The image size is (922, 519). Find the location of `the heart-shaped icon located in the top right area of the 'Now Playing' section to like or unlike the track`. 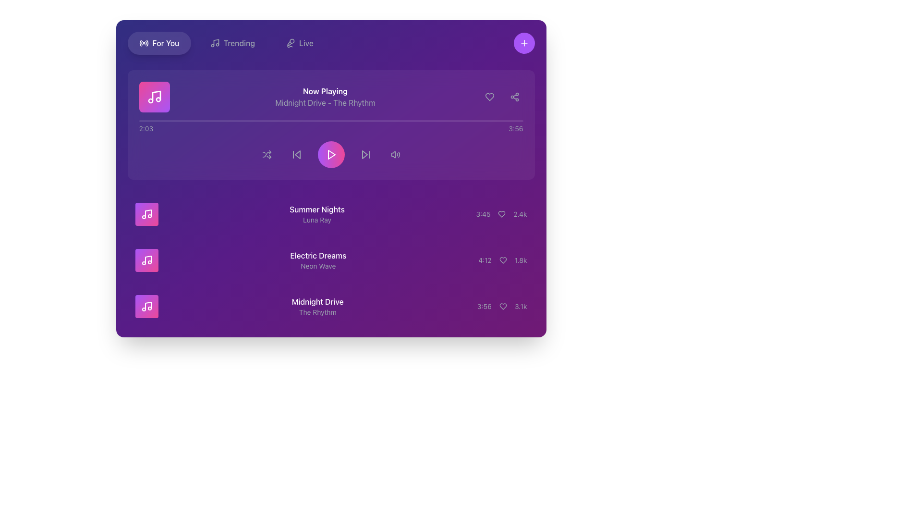

the heart-shaped icon located in the top right area of the 'Now Playing' section to like or unlike the track is located at coordinates (489, 97).